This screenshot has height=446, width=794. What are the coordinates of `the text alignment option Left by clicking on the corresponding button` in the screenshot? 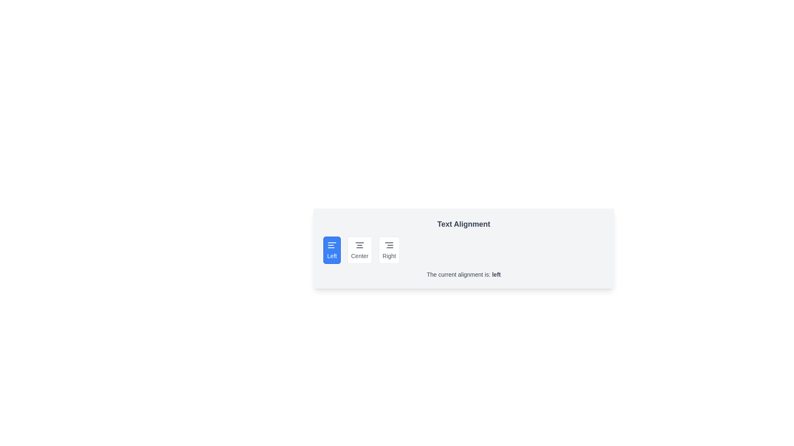 It's located at (332, 249).